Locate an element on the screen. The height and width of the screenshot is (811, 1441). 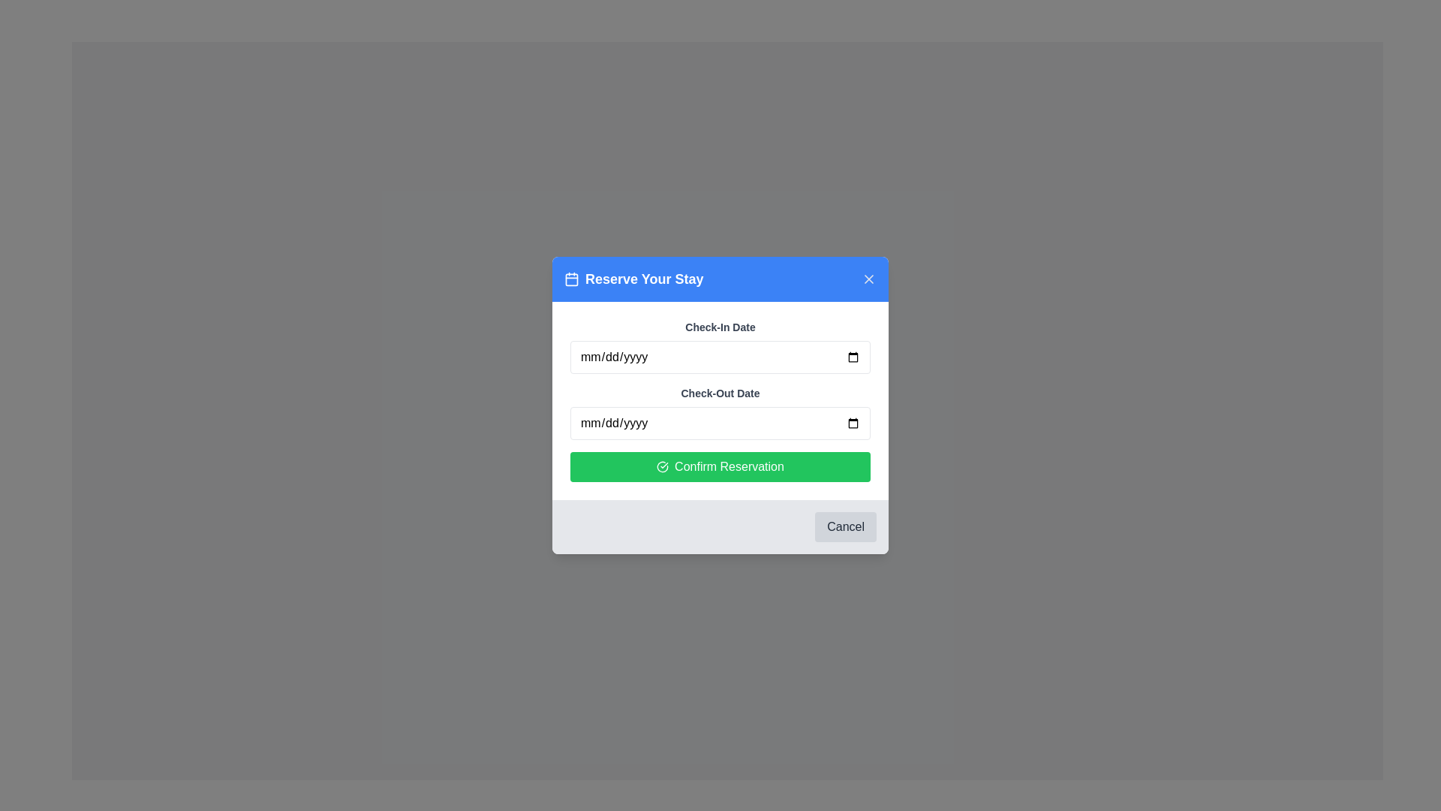
the text label guiding users for the check-in date input in the 'Reserve Your Stay' modal is located at coordinates (720, 326).